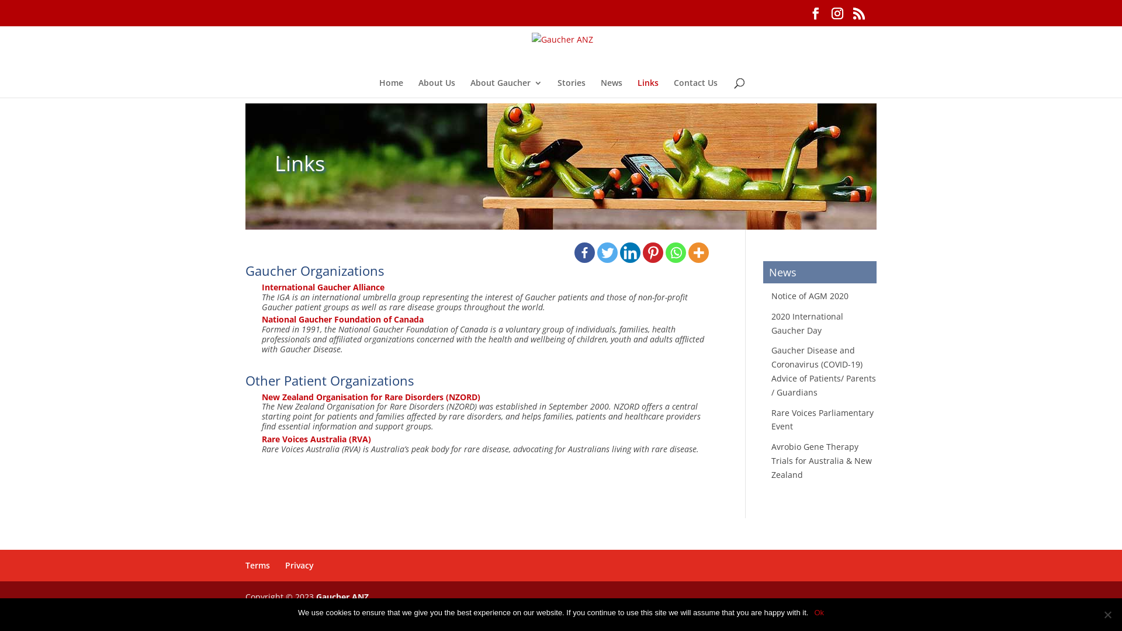  Describe the element at coordinates (629, 252) in the screenshot. I see `'Linkedin'` at that location.